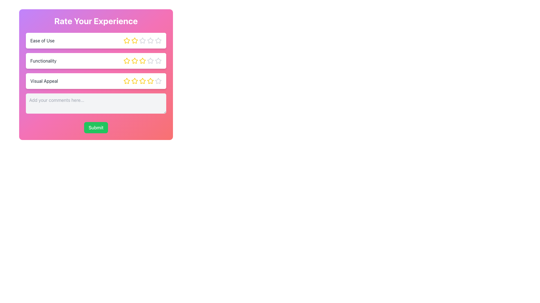 Image resolution: width=540 pixels, height=303 pixels. I want to click on the first interactive rating star icon to indicate a rating for 'Visual Appeal', so click(127, 81).